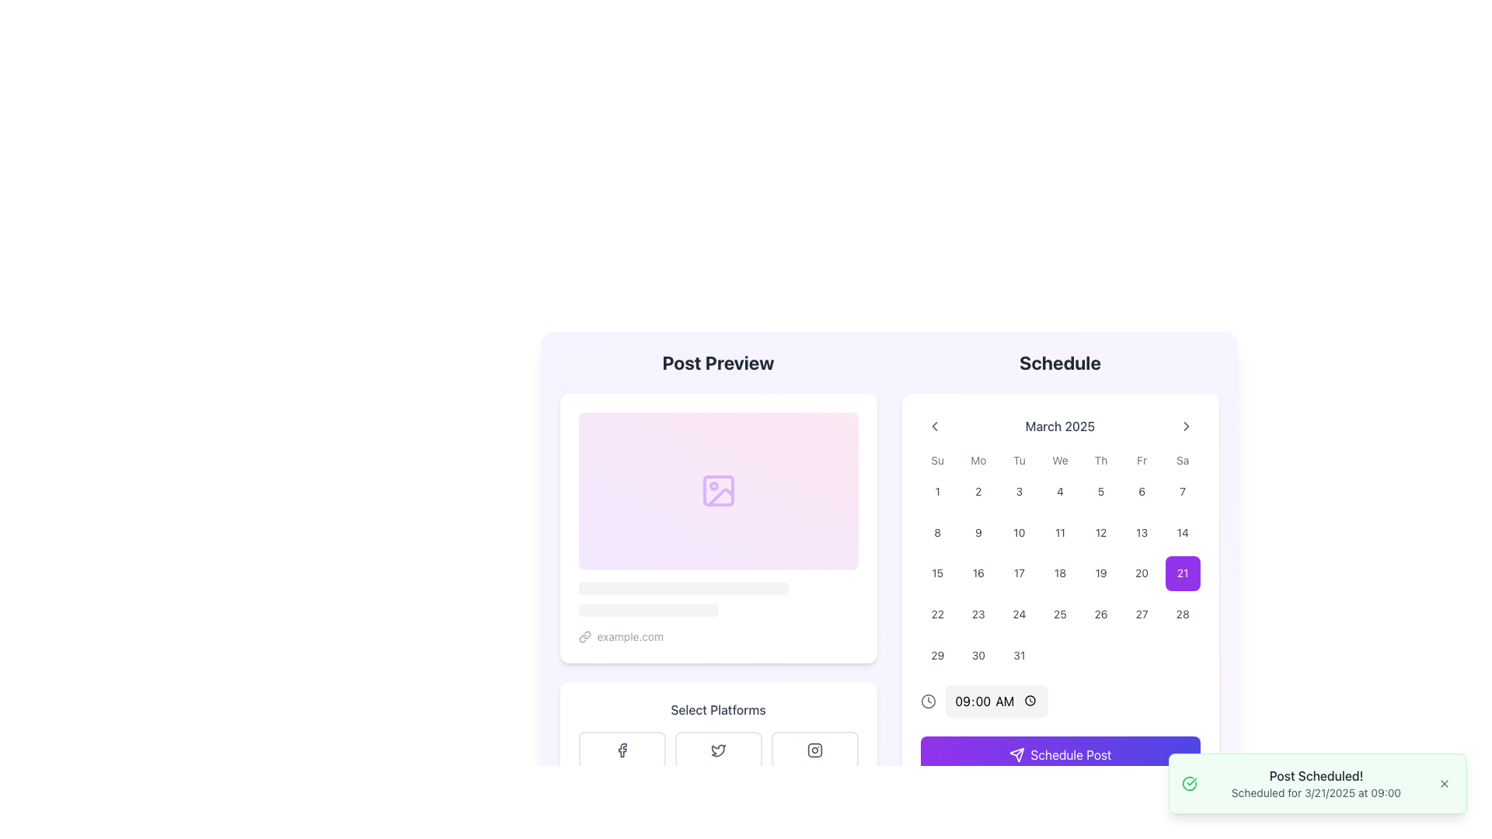 The width and height of the screenshot is (1492, 839). I want to click on the text label that displays the currently selected month and year in the calendar section of the schedule panel, so click(1059, 426).